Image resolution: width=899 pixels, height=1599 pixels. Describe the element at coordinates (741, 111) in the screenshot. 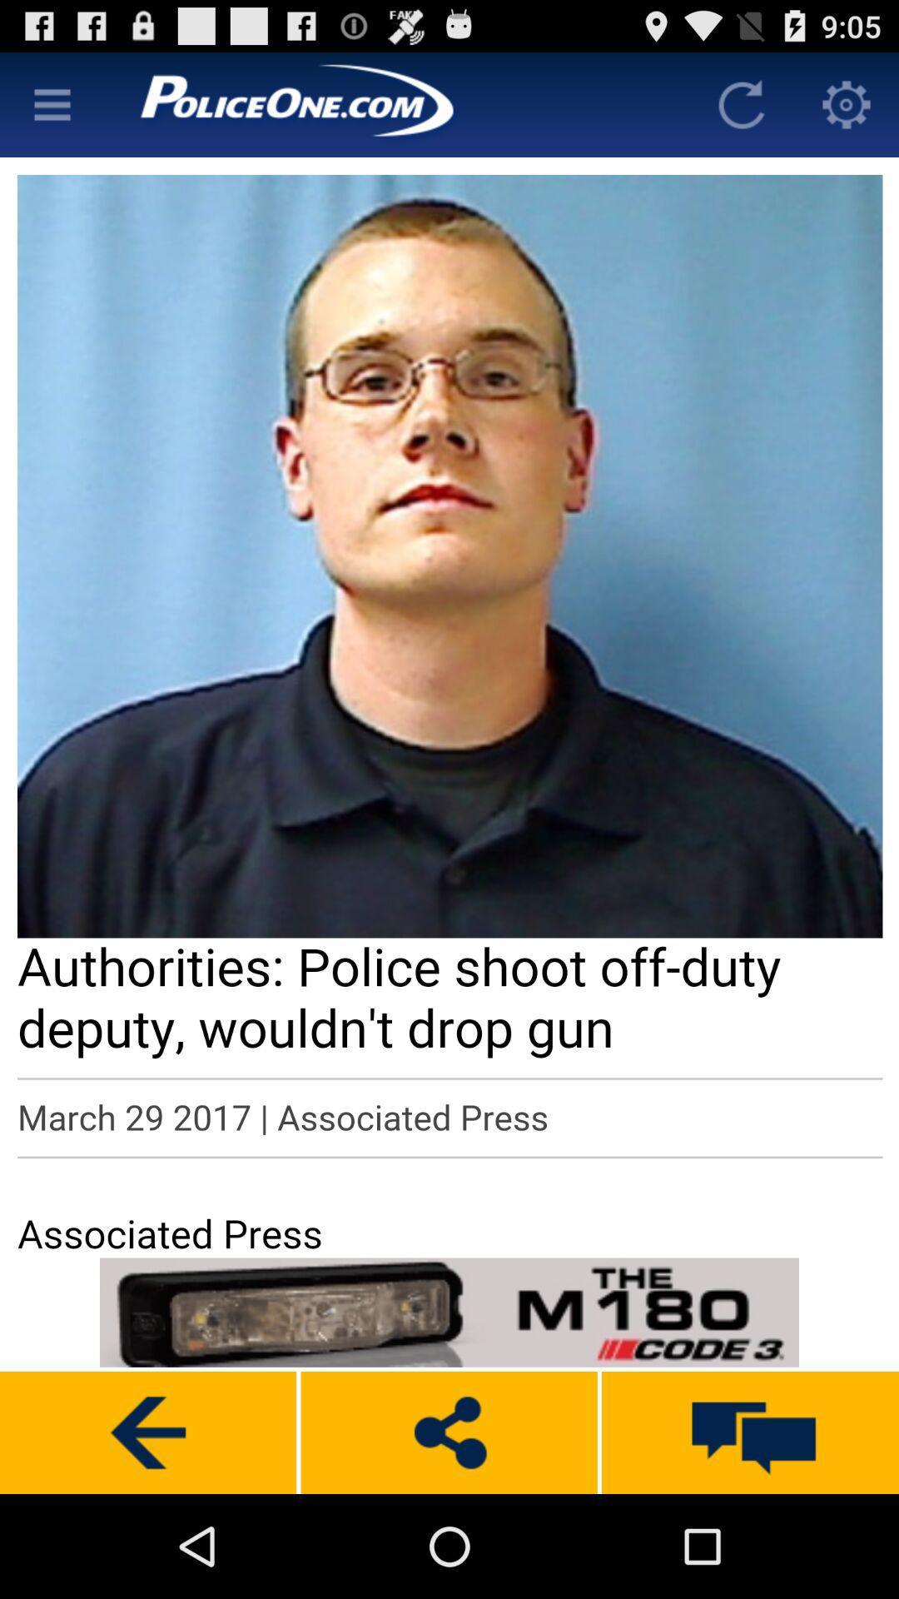

I see `the refresh icon` at that location.